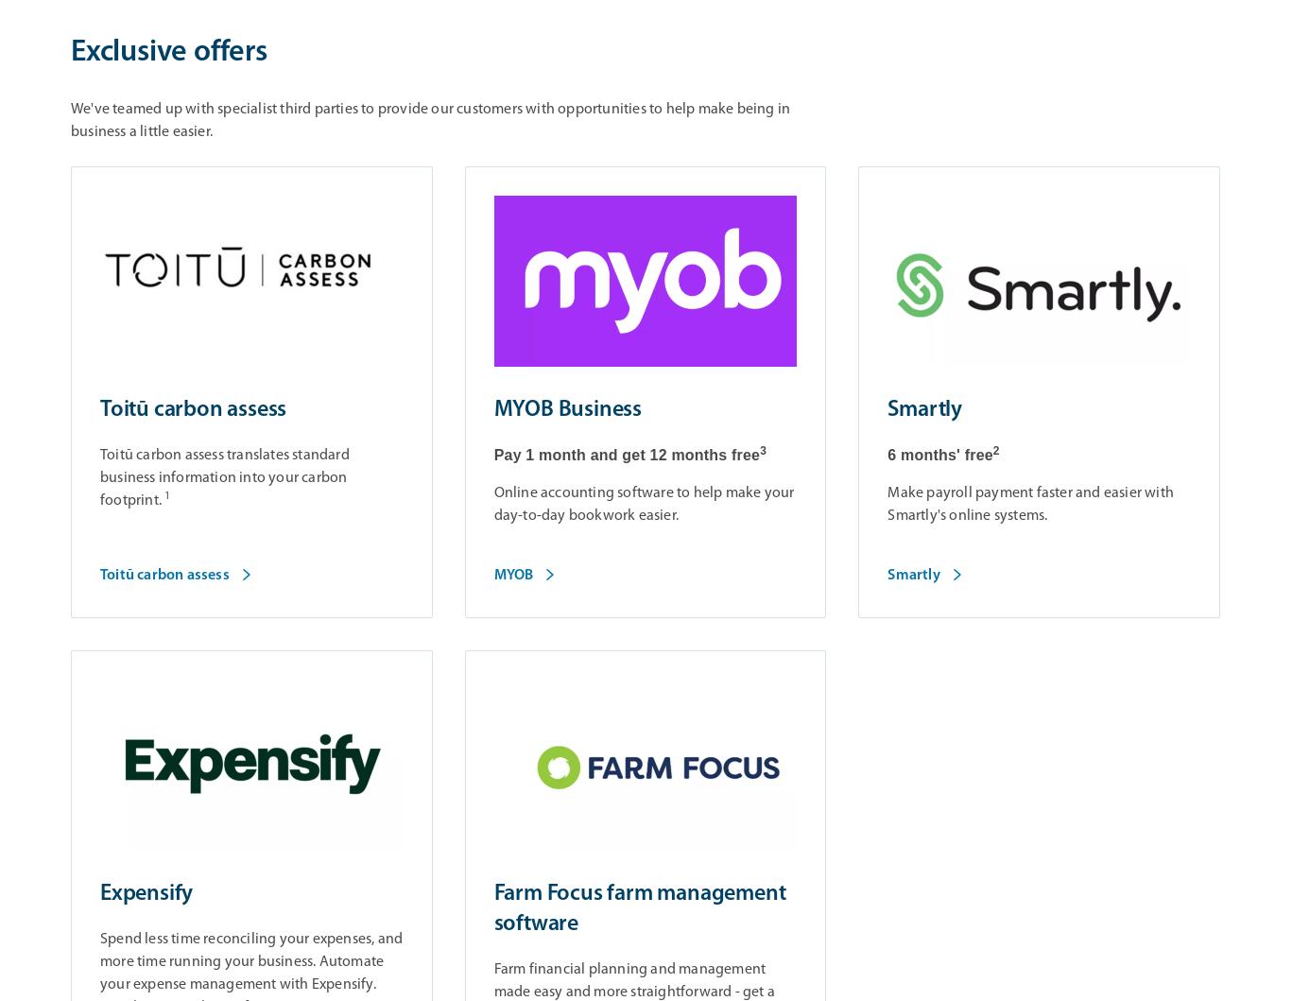  Describe the element at coordinates (739, 450) in the screenshot. I see `'3'` at that location.